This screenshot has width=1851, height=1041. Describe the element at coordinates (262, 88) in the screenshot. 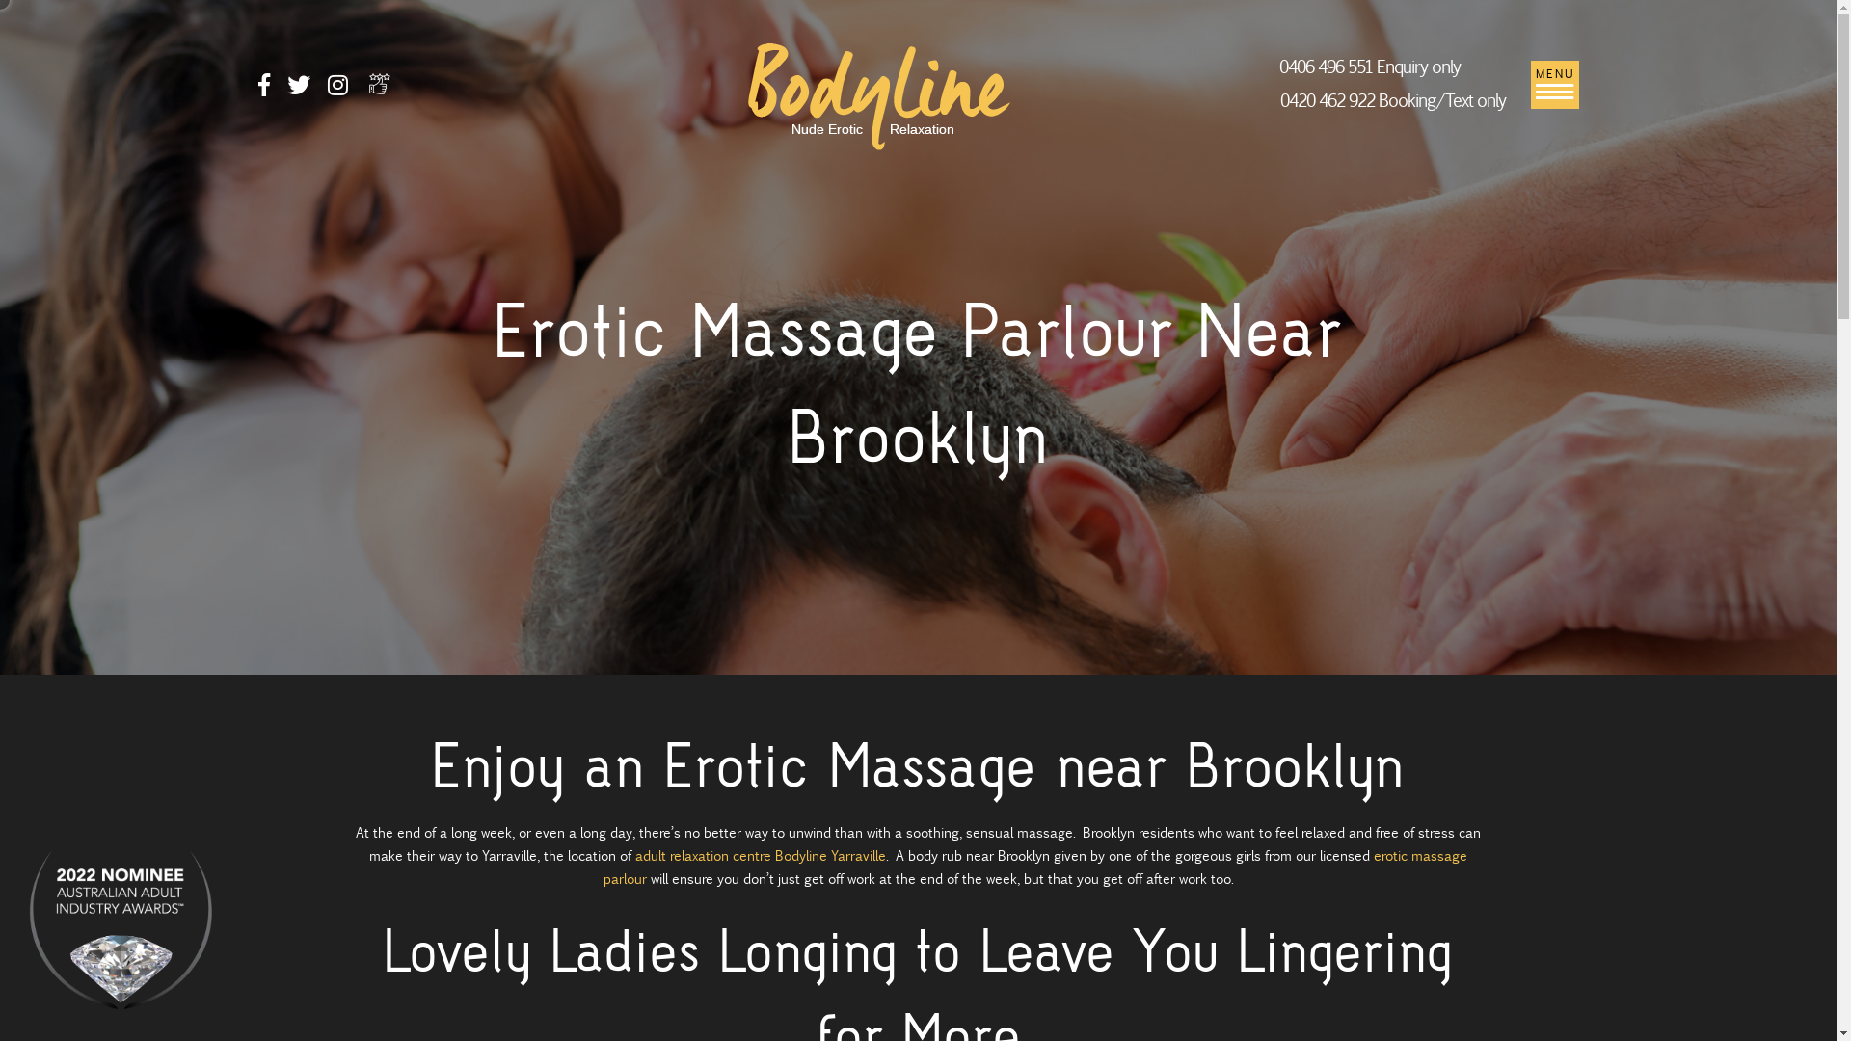

I see `'Facebook'` at that location.